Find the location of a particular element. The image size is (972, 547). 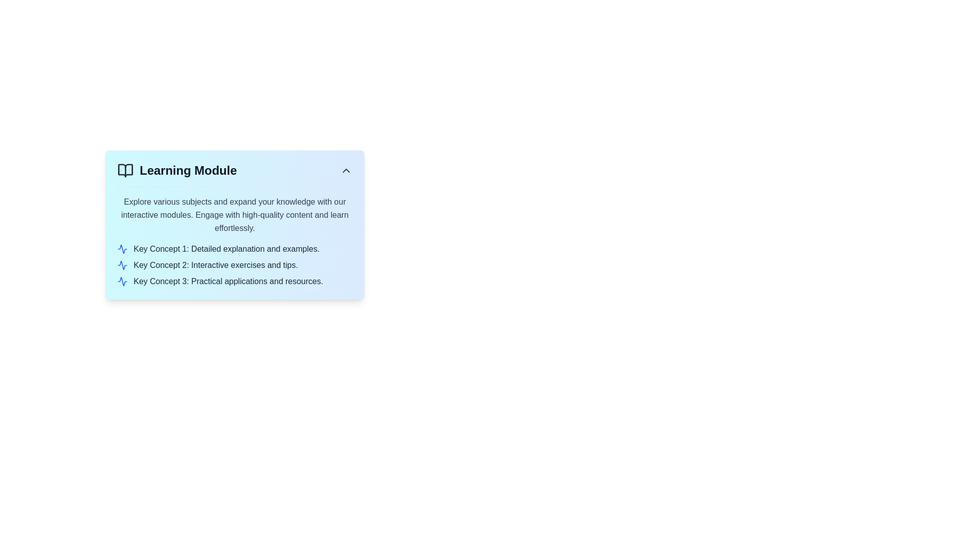

the book icon, which is a dark gray graphic representing an educational context, located to the left of the 'Learning Module' text is located at coordinates (125, 170).